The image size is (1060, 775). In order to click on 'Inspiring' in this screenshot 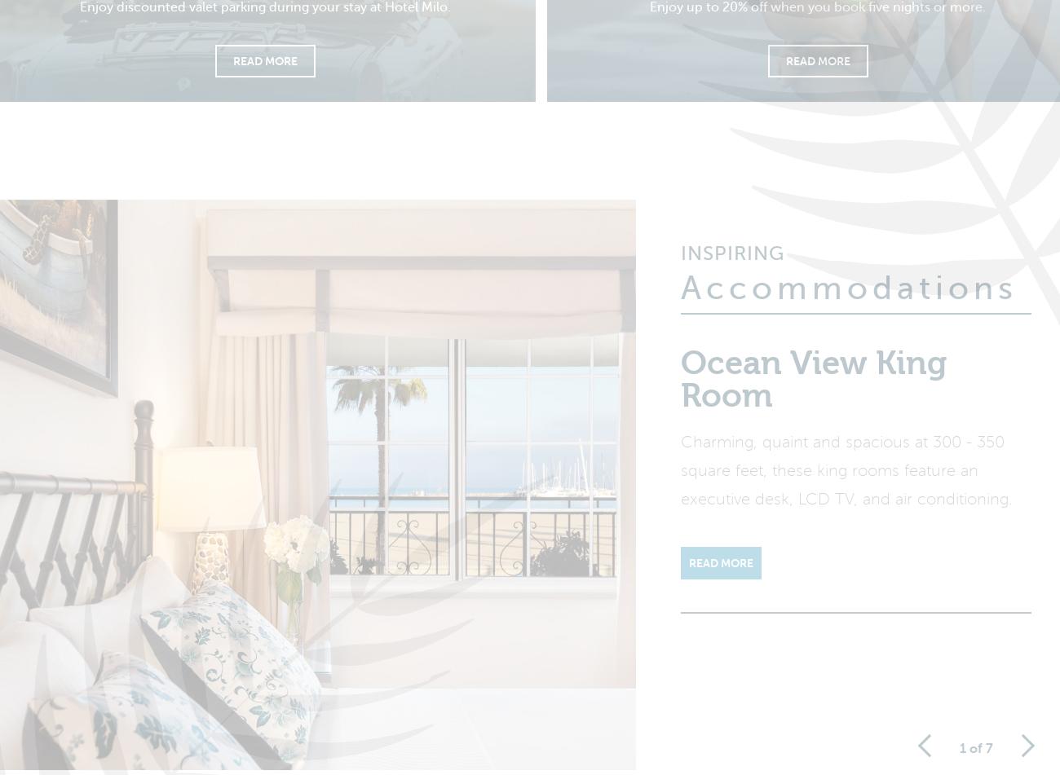, I will do `click(731, 264)`.